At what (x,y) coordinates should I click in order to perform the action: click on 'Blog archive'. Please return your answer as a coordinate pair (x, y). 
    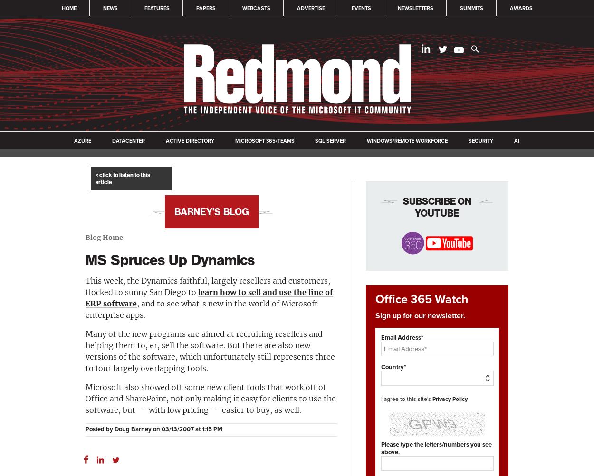
    Looking at the image, I should click on (211, 200).